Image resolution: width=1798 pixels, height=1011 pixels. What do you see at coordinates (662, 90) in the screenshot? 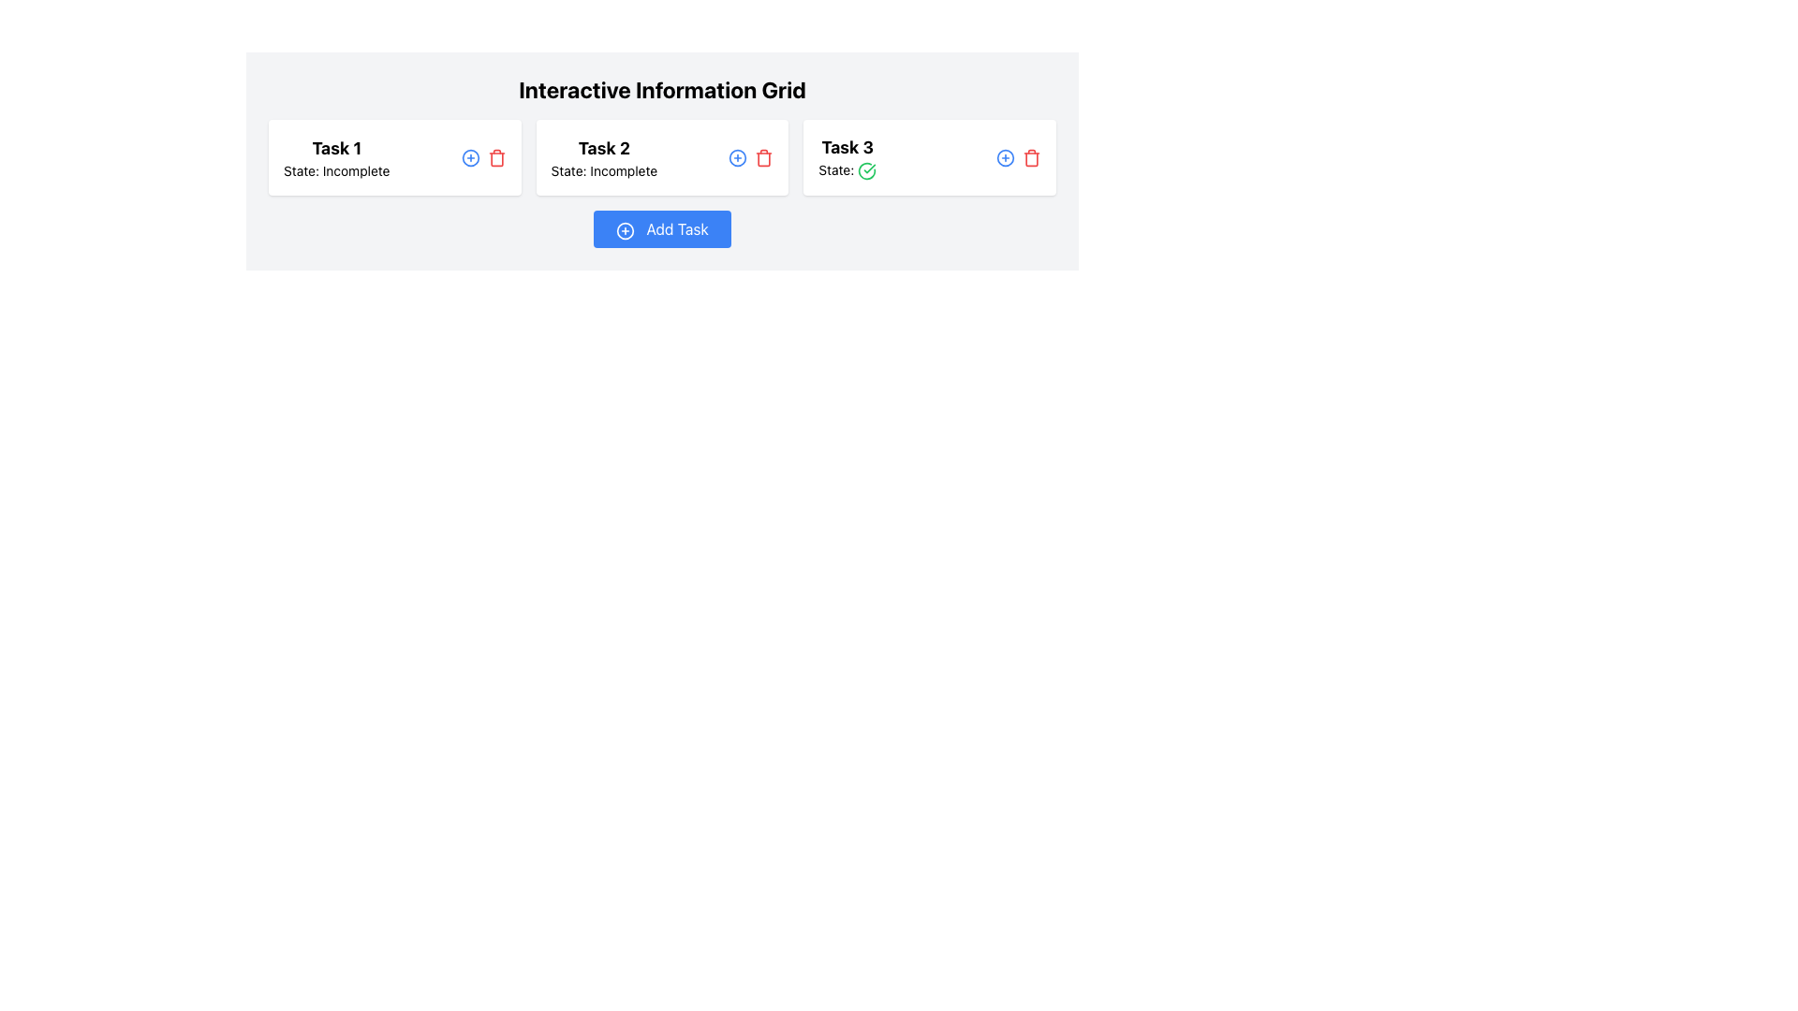
I see `the Heading (Text Element) that serves as a descriptive header for the section, positioned at the top-center of the interface above the task cards and 'Add Task' button` at bounding box center [662, 90].